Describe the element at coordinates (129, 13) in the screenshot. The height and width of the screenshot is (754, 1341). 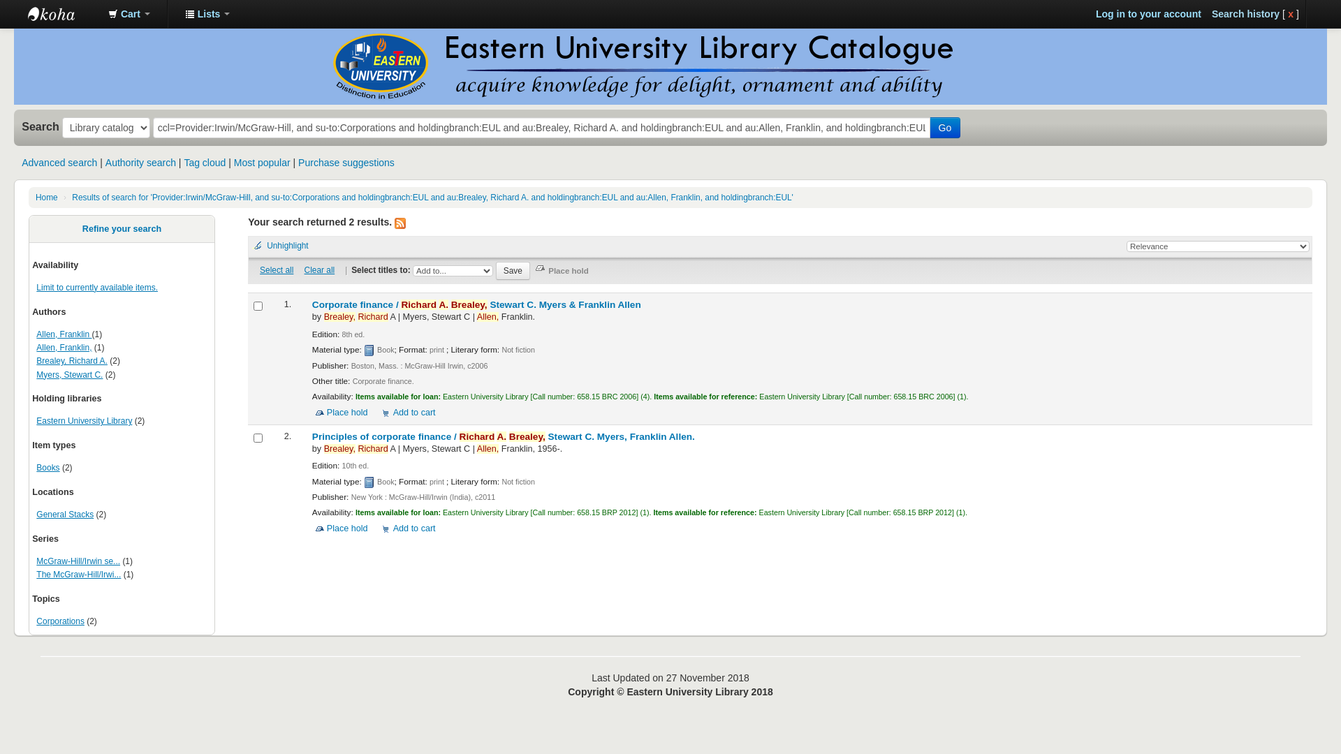
I see `'Cart'` at that location.